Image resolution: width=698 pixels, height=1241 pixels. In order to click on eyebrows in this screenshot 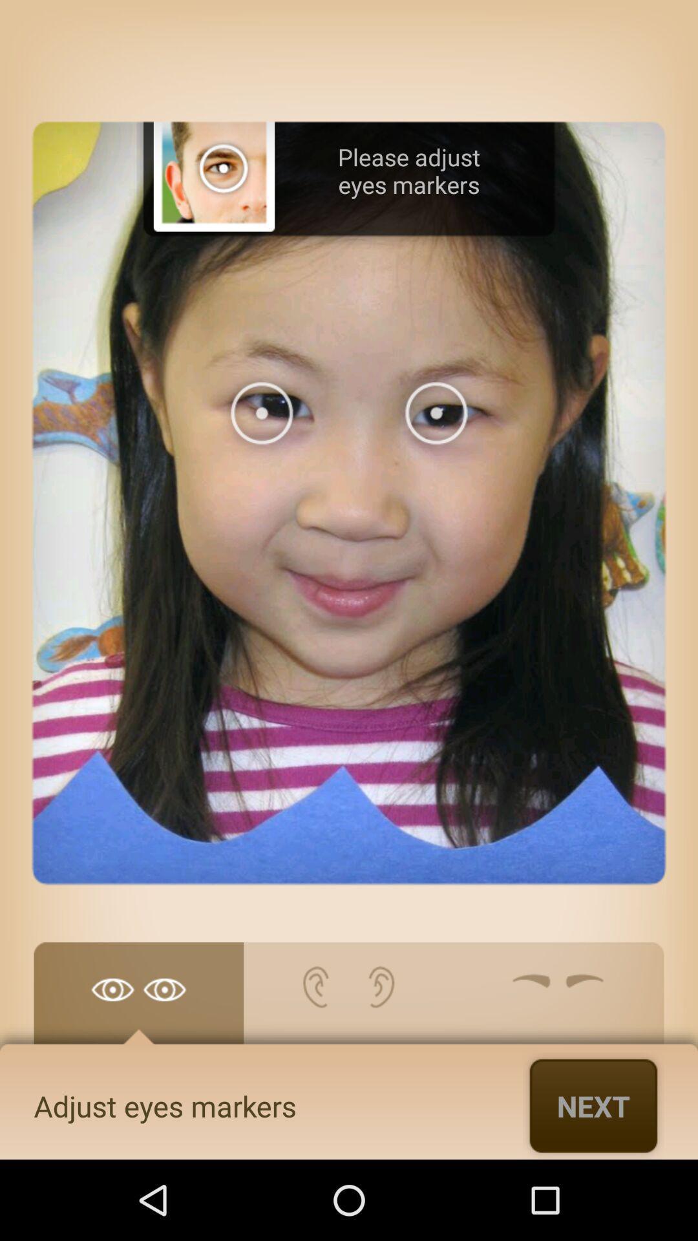, I will do `click(558, 999)`.